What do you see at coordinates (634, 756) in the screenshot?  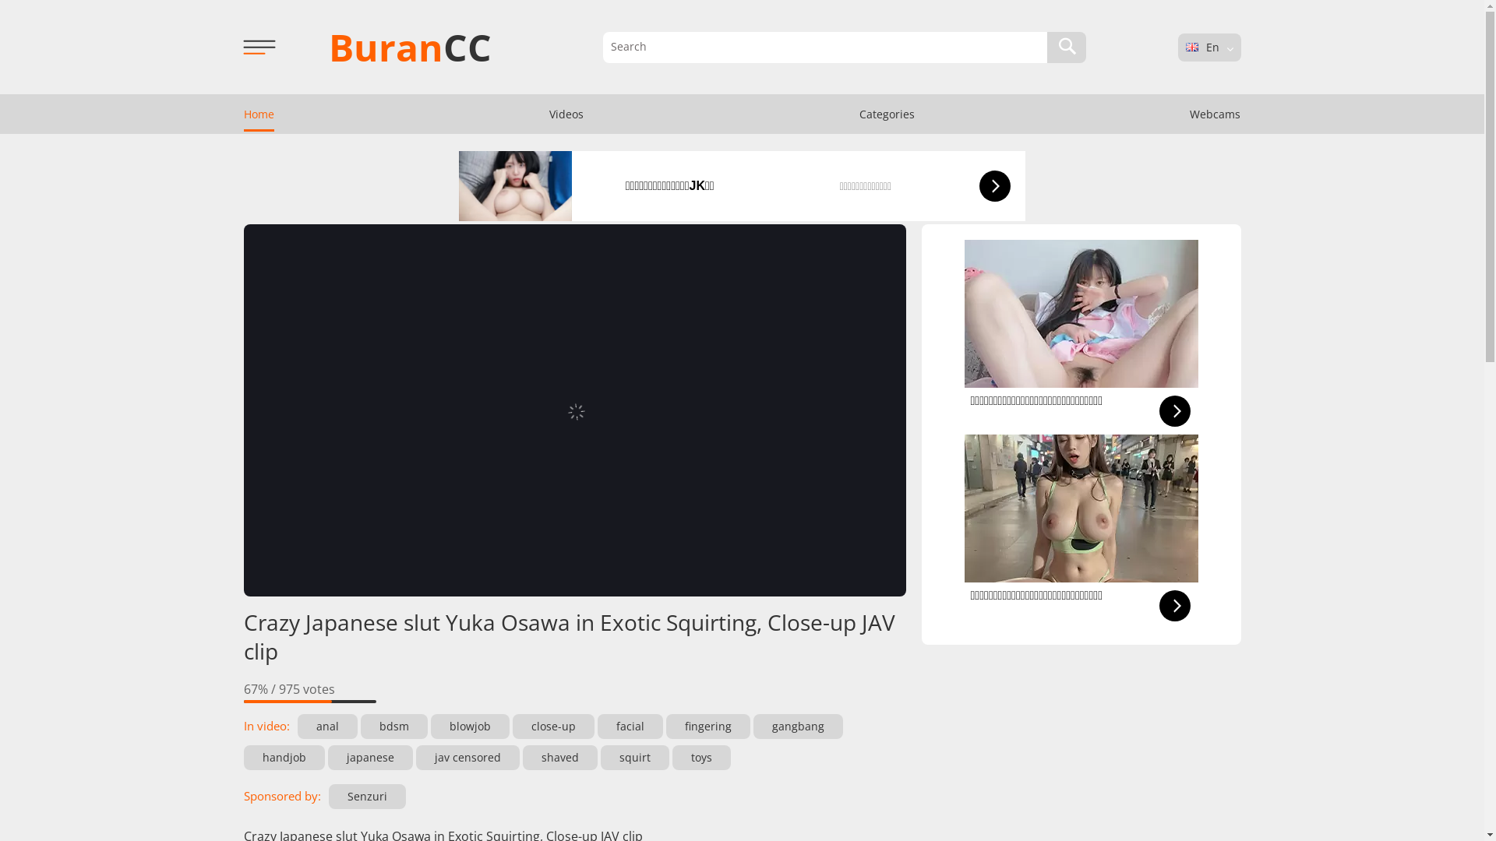 I see `'squirt'` at bounding box center [634, 756].